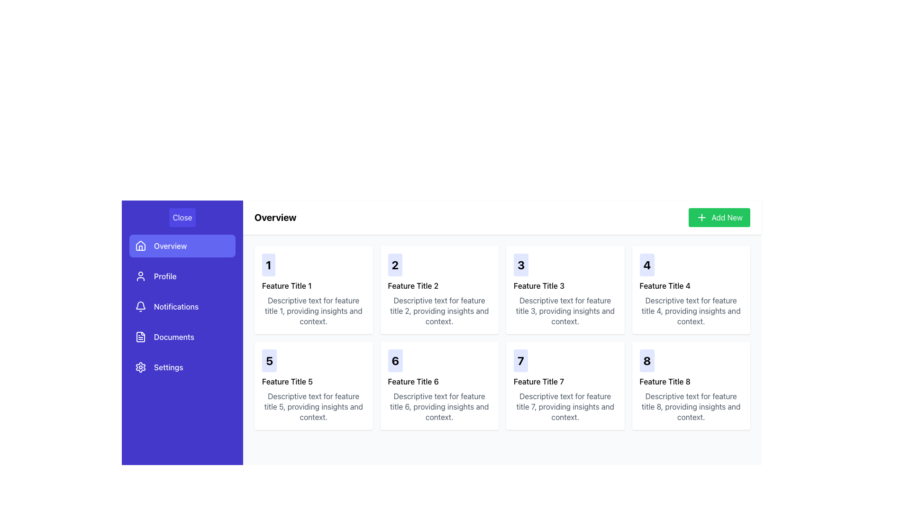 The image size is (910, 512). I want to click on the label indicating the order or number of the feature, located in the top-left corner above 'Feature Title 1', so click(268, 265).